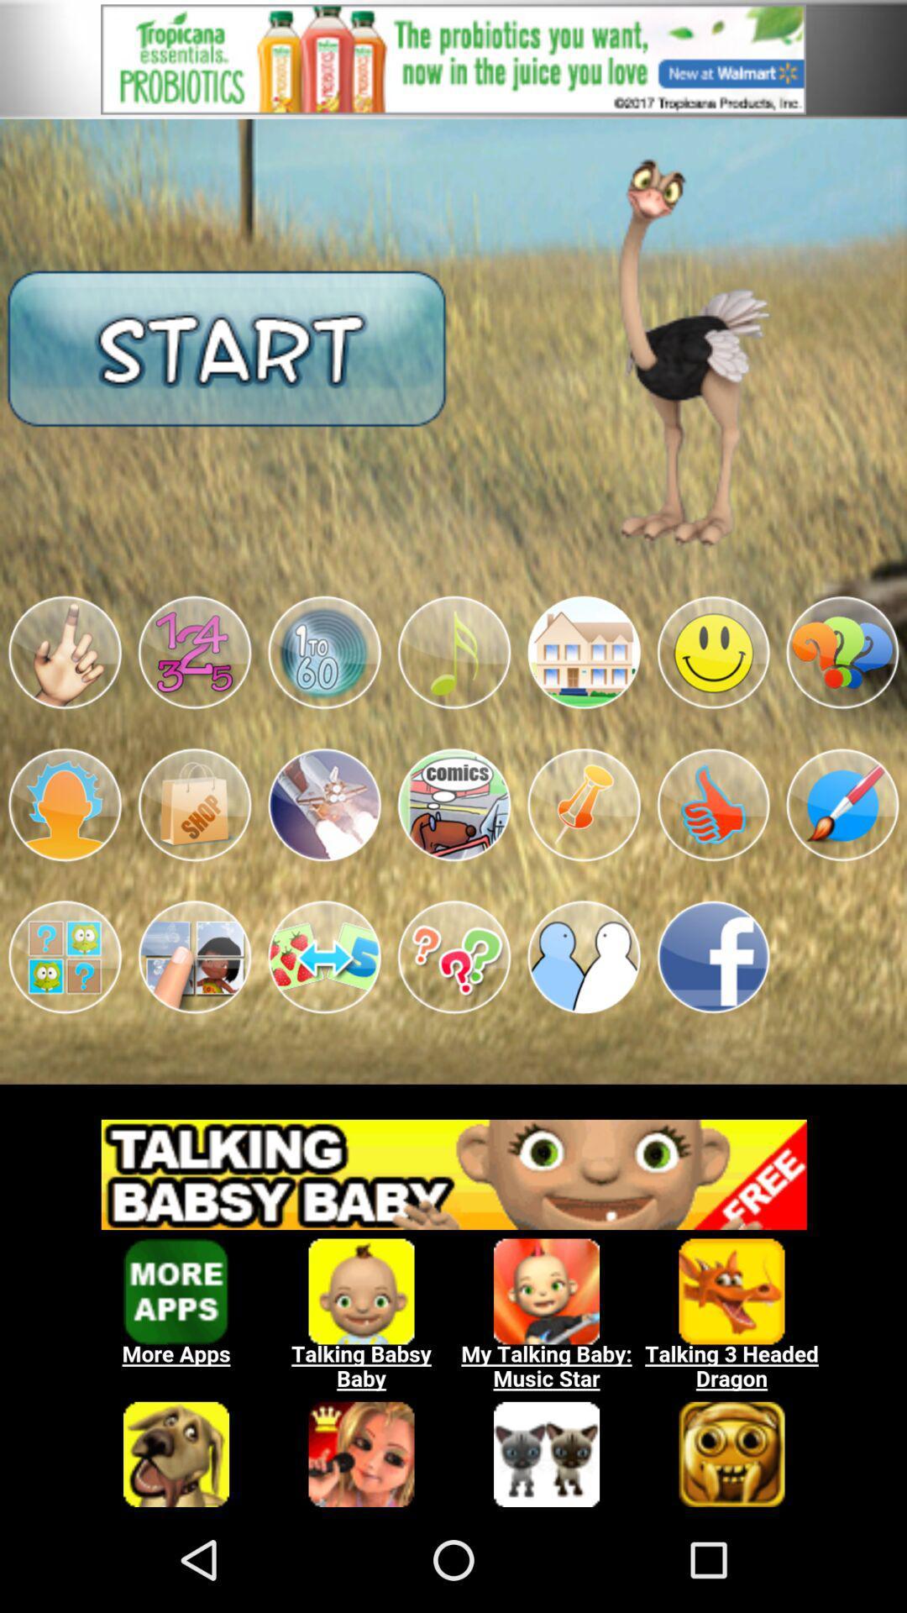  Describe the element at coordinates (324, 652) in the screenshot. I see `stick images` at that location.